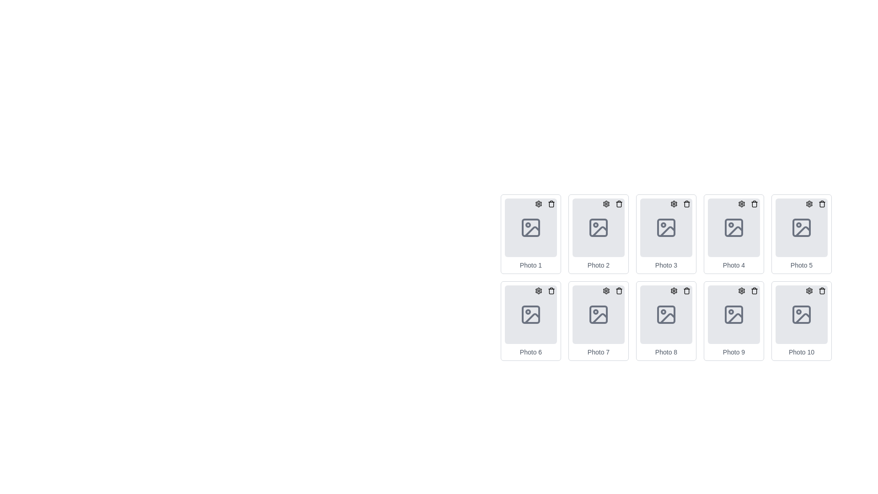 This screenshot has width=878, height=494. Describe the element at coordinates (545, 204) in the screenshot. I see `the 'settings' icon on the control panel at the top right corner of the 'Photo 1' card` at that location.